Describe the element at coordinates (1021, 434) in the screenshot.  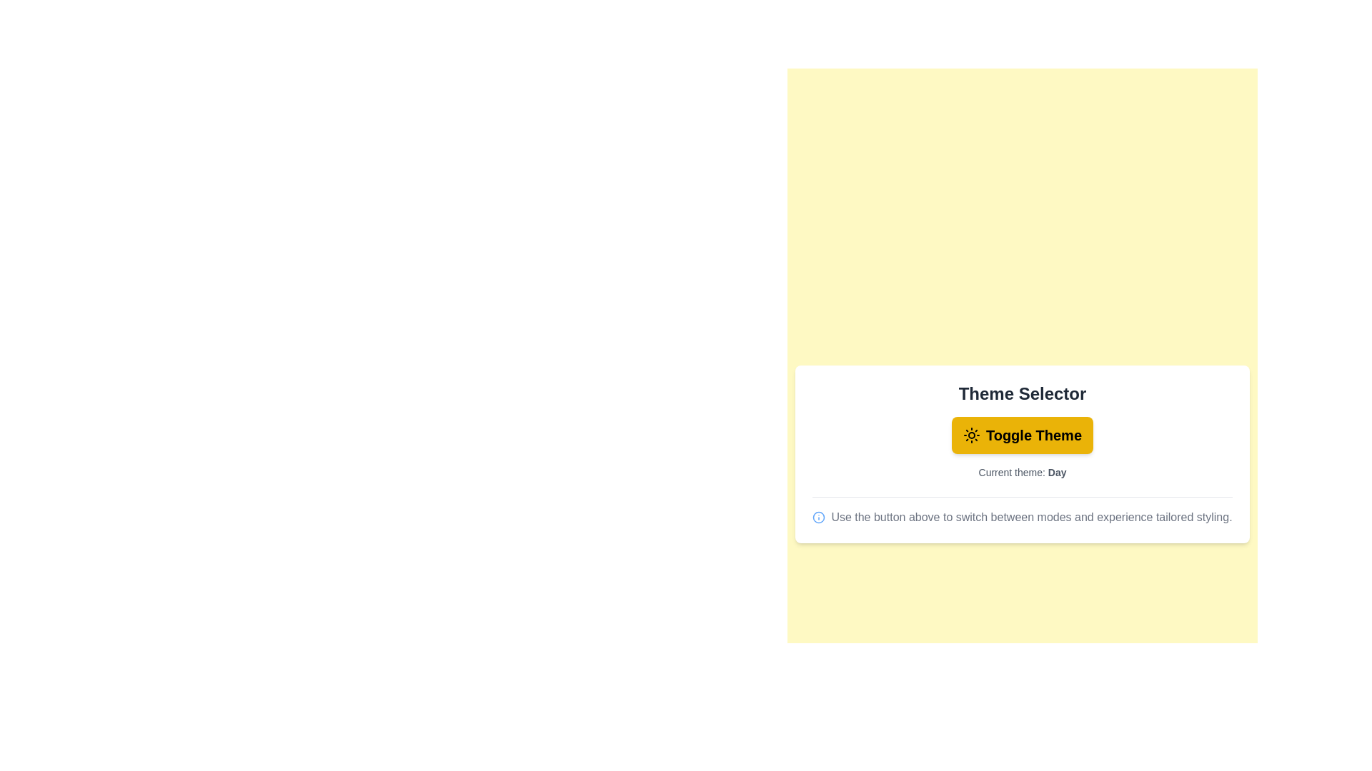
I see `the 'Toggle Theme' button to observe hover effects` at that location.